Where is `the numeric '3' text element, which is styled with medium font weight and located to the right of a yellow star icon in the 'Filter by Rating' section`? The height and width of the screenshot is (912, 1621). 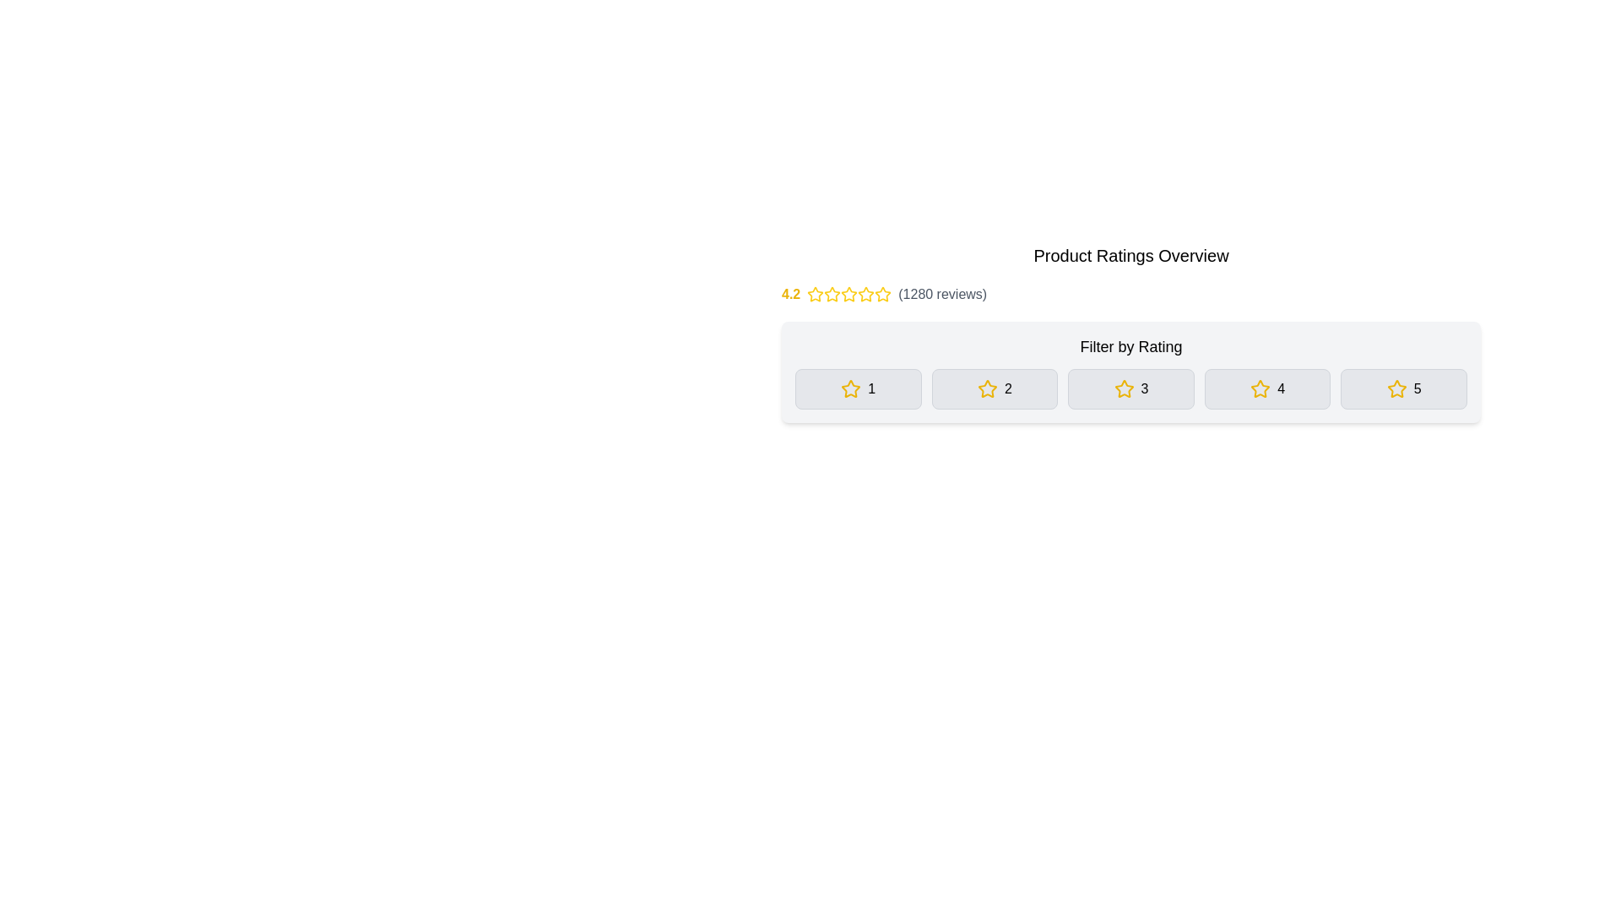 the numeric '3' text element, which is styled with medium font weight and located to the right of a yellow star icon in the 'Filter by Rating' section is located at coordinates (1144, 389).